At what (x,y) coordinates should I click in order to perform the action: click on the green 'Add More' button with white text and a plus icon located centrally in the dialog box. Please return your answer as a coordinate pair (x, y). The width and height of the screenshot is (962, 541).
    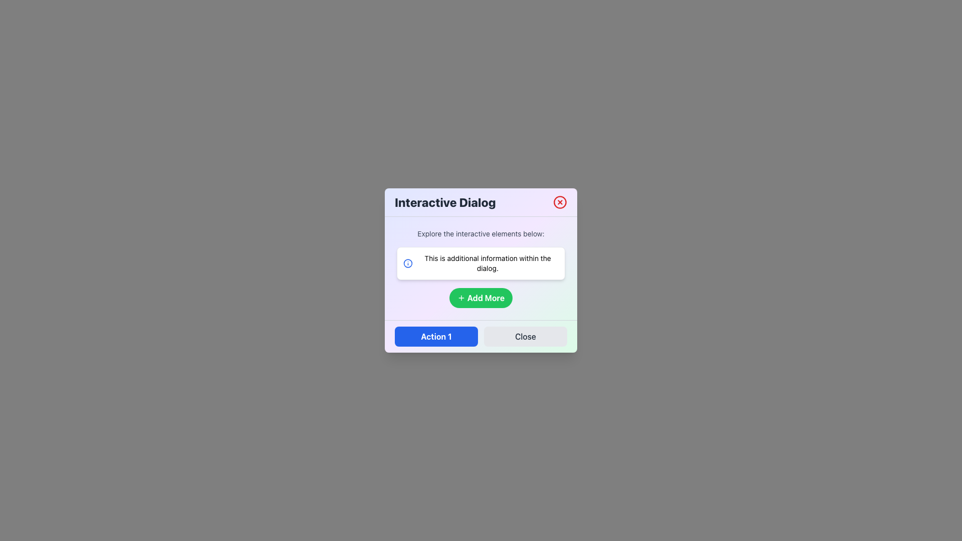
    Looking at the image, I should click on (481, 297).